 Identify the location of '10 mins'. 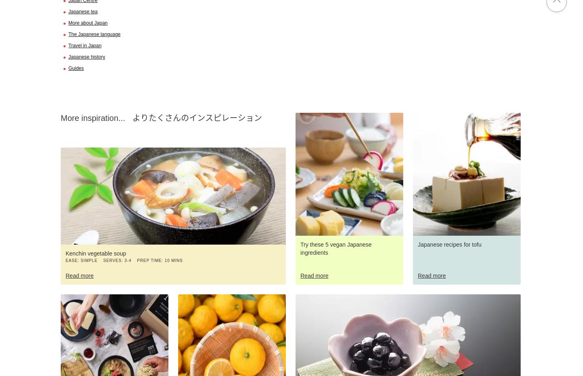
(173, 260).